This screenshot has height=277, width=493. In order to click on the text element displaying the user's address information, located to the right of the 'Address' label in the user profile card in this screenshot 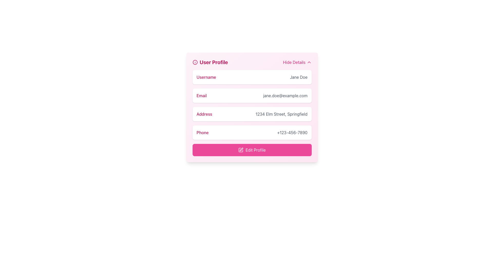, I will do `click(281, 114)`.